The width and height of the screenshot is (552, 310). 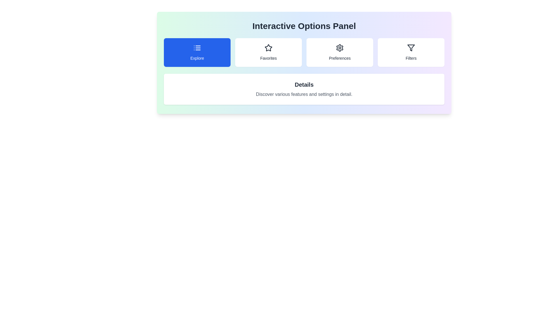 I want to click on the icon located at the center of the 'Explore' button, which is the leftmost button in the top section of the layout, so click(x=197, y=47).